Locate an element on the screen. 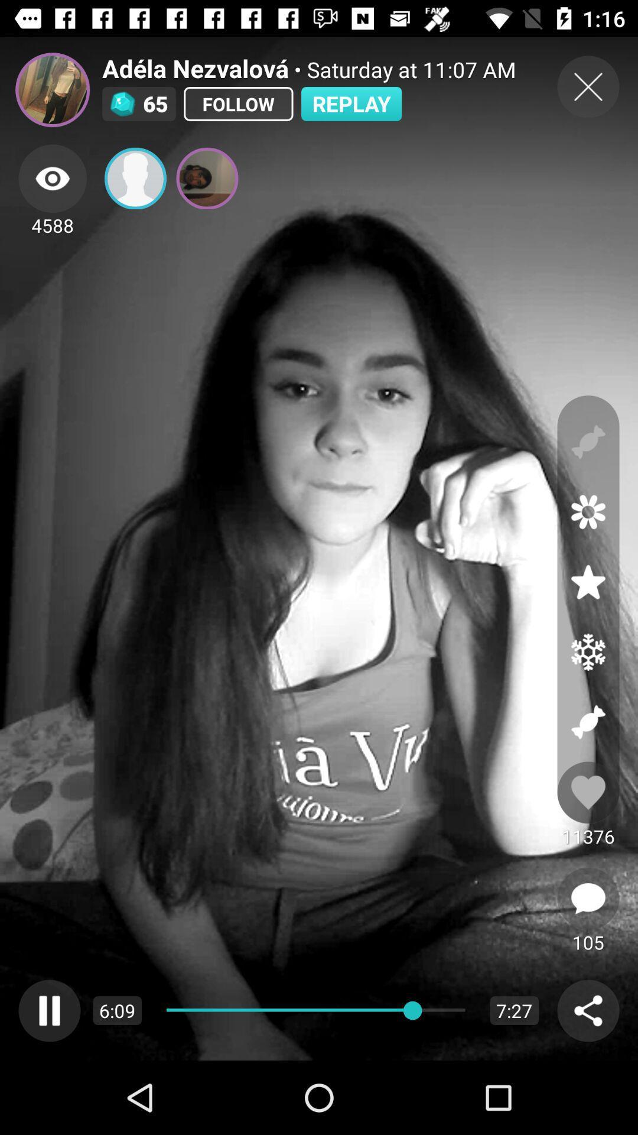 This screenshot has height=1135, width=638. profile is located at coordinates (135, 178).